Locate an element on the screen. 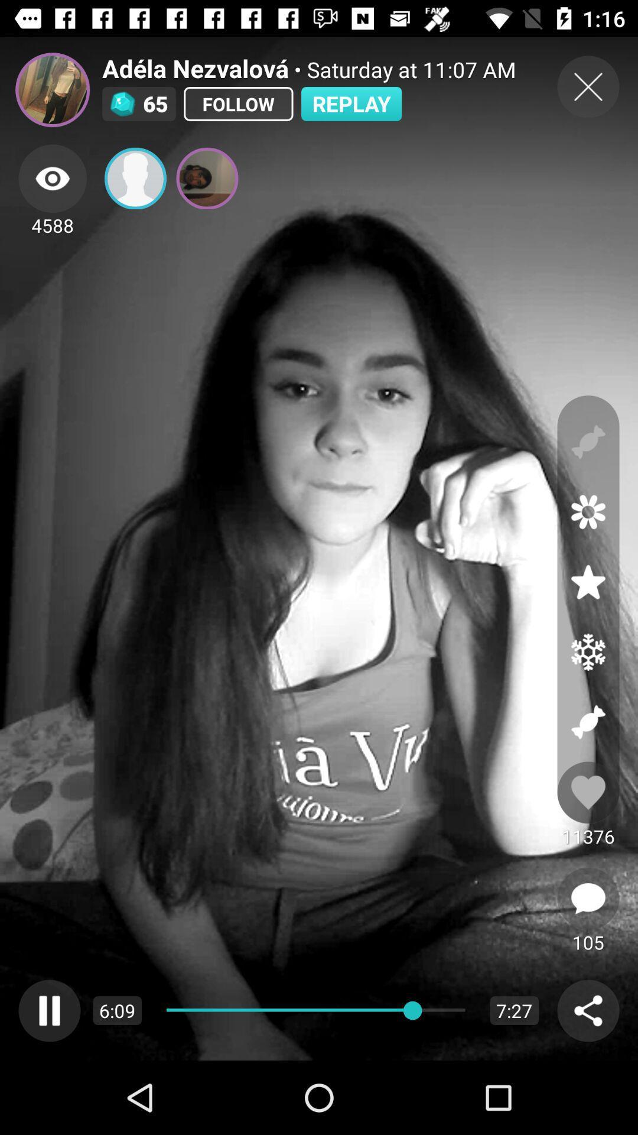 This screenshot has height=1135, width=638. profile is located at coordinates (135, 178).